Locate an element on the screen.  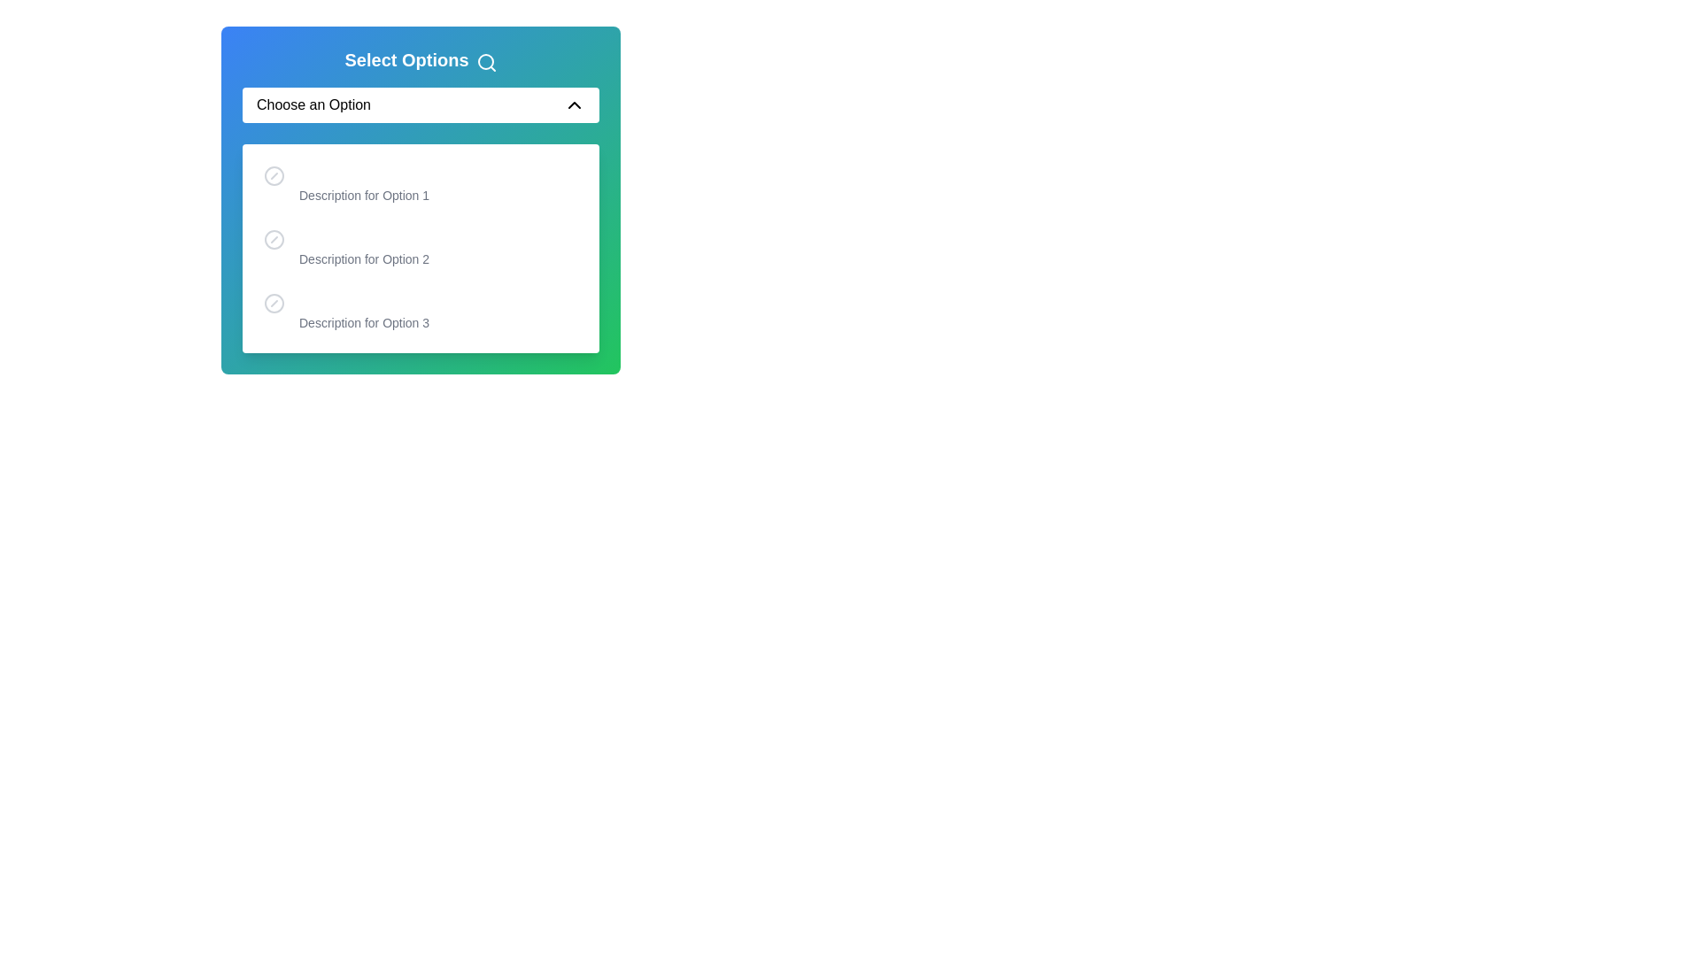
the third icon in the dropdown menu that signifies a status of non-selection or restriction for 'Option 3Description for Option 3' is located at coordinates (274, 302).